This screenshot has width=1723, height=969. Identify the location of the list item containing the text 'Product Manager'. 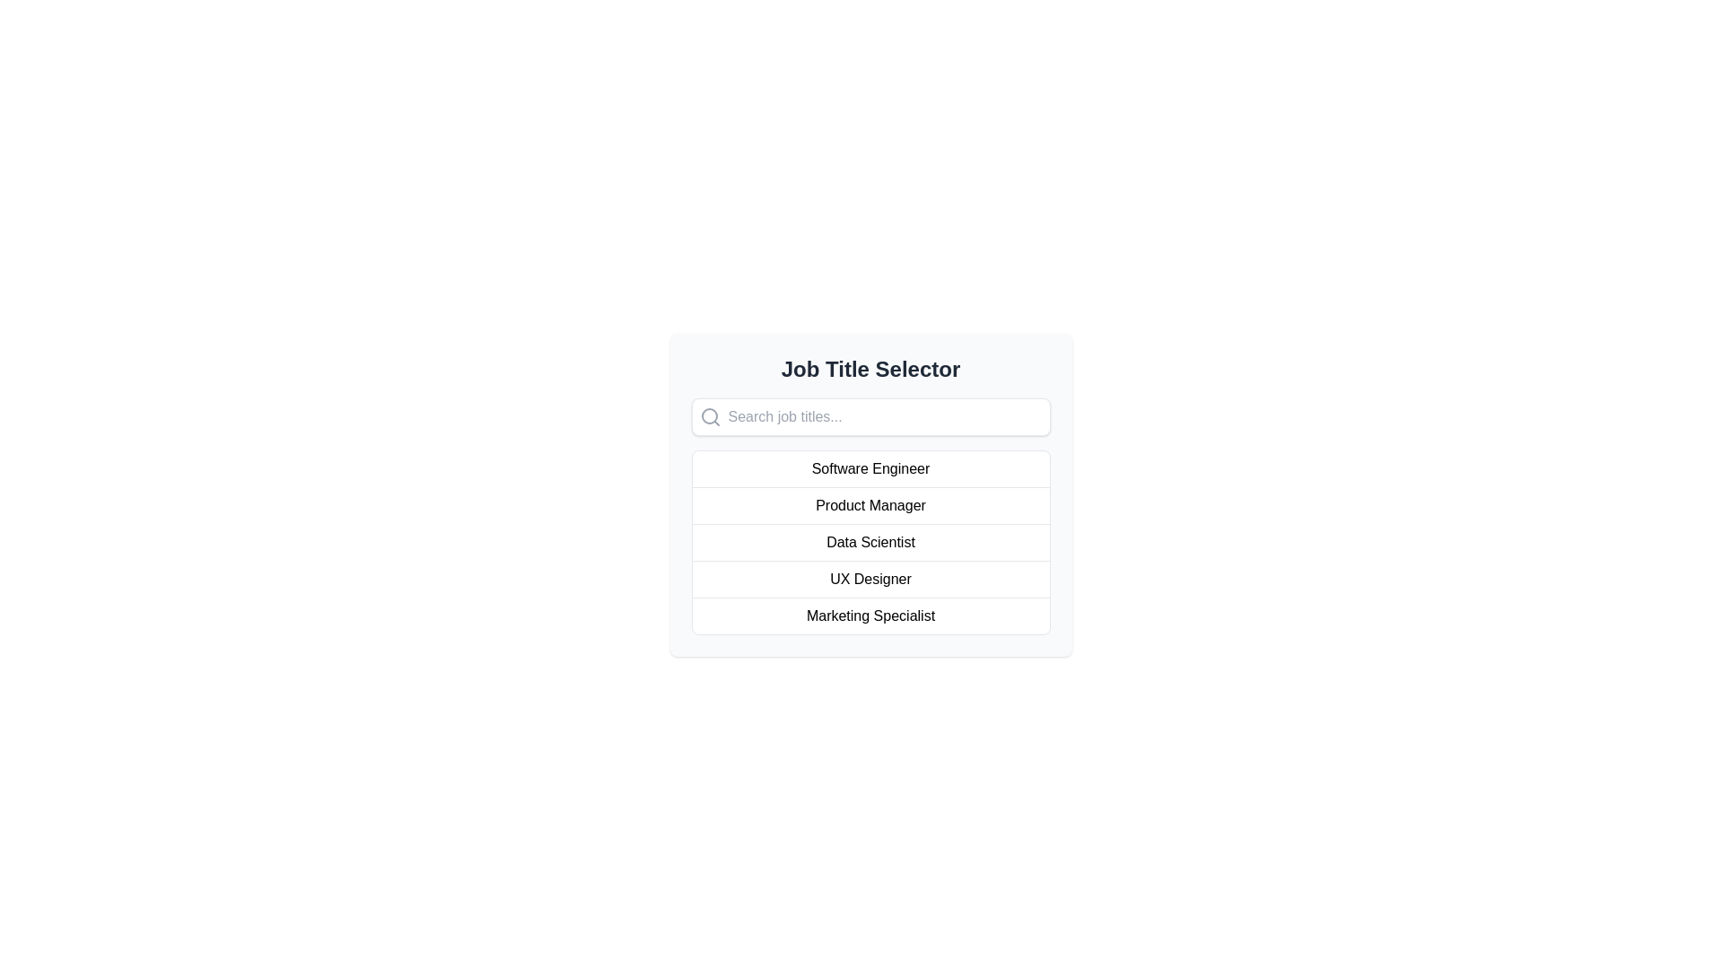
(870, 505).